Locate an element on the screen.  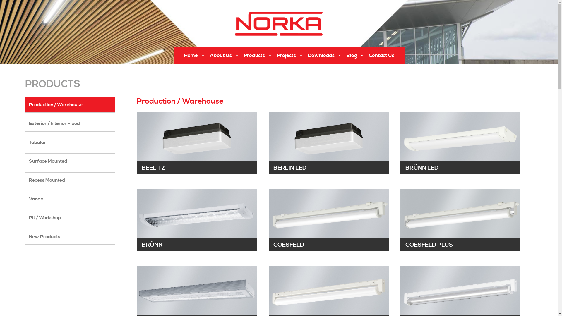
'Exterior / Interior Flood' is located at coordinates (70, 123).